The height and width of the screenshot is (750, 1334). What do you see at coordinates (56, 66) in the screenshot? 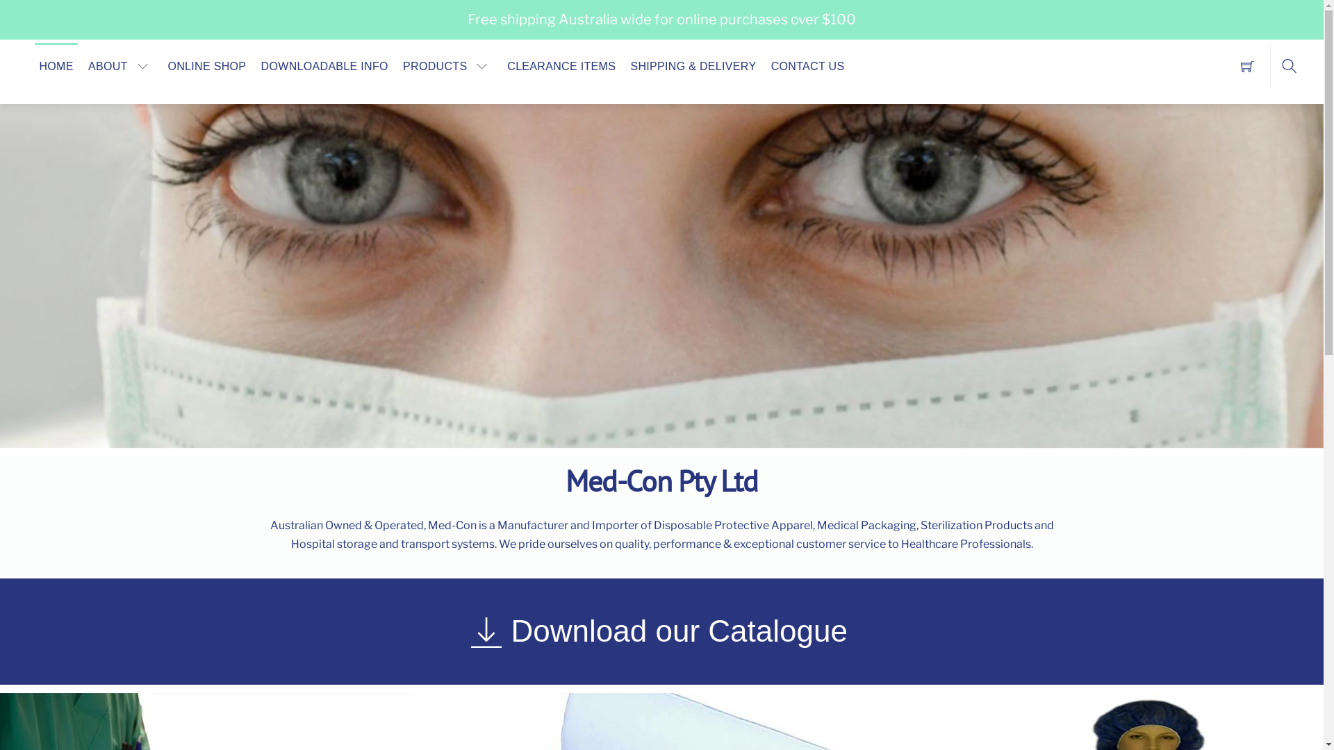
I see `'HOME'` at bounding box center [56, 66].